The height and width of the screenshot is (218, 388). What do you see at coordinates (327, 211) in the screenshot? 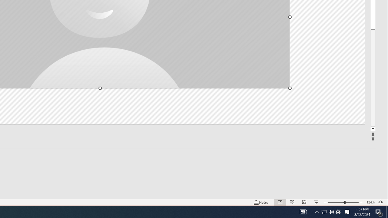
I see `'User Promoted Notification Area'` at bounding box center [327, 211].